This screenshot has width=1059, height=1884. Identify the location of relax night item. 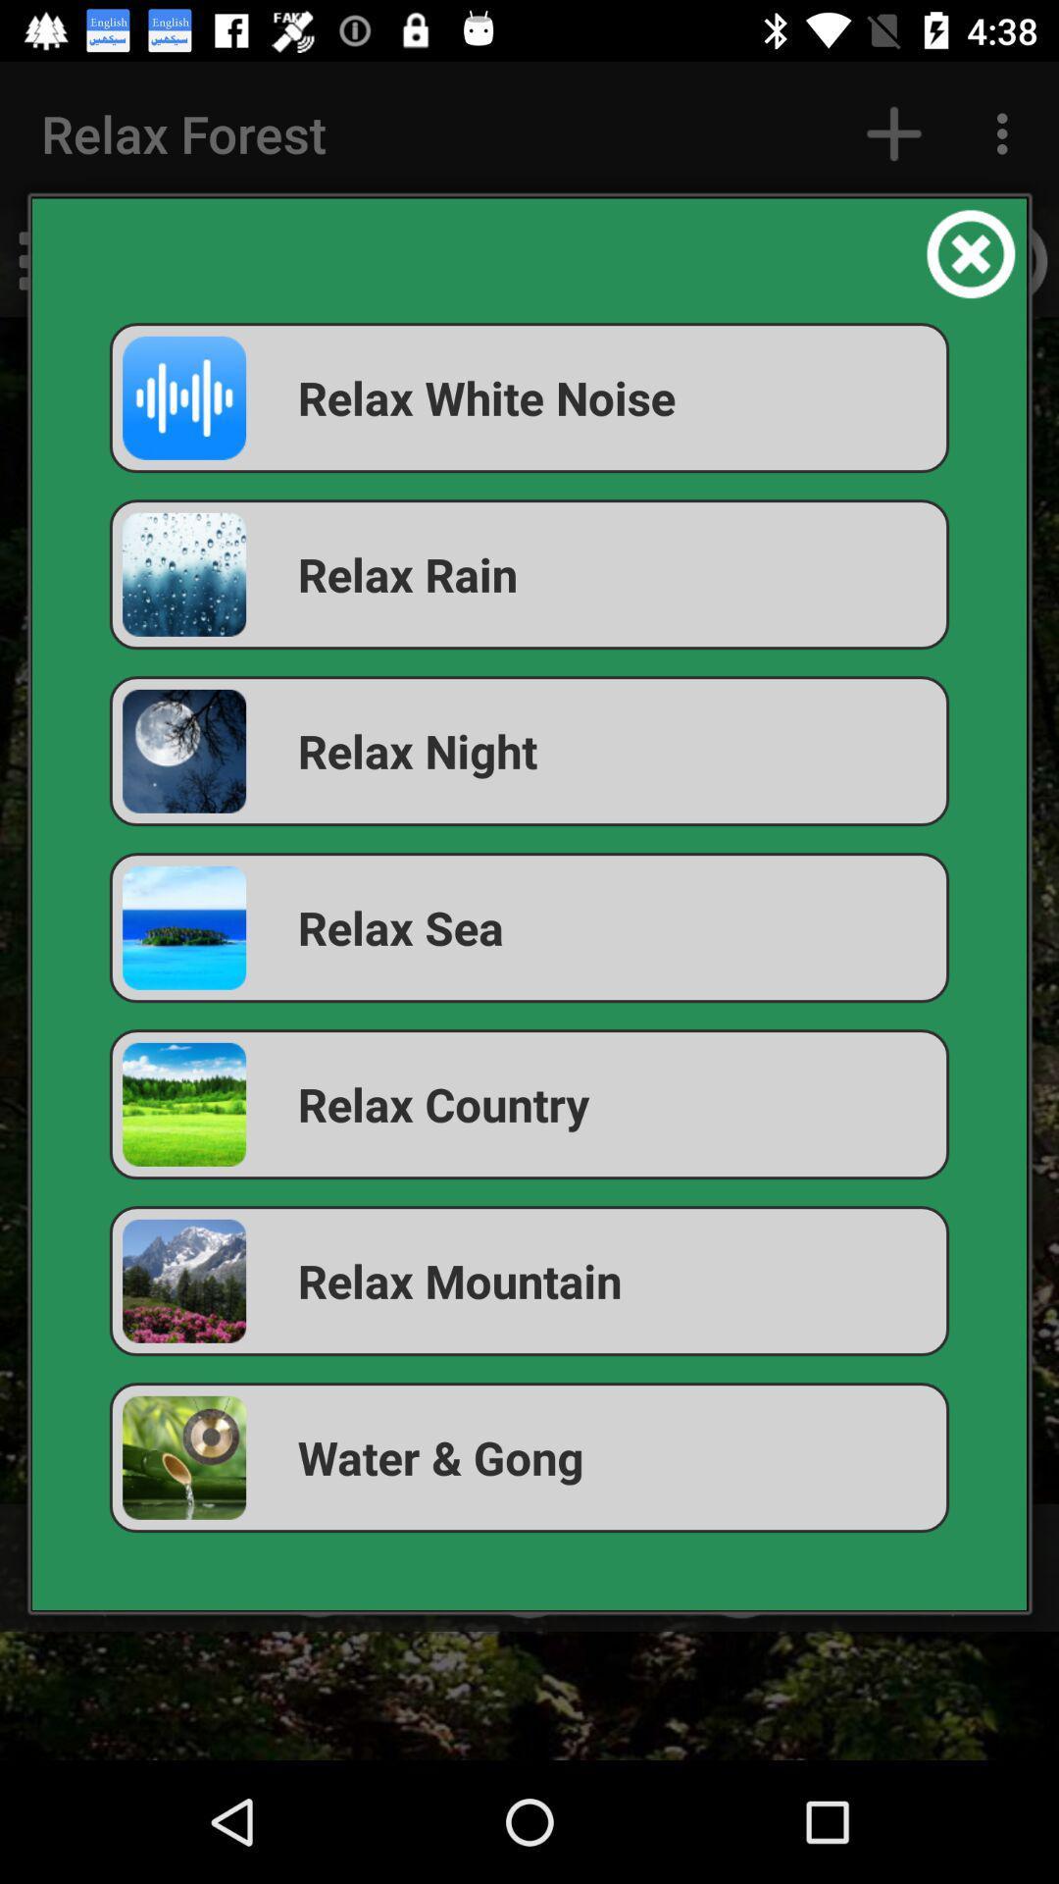
(529, 750).